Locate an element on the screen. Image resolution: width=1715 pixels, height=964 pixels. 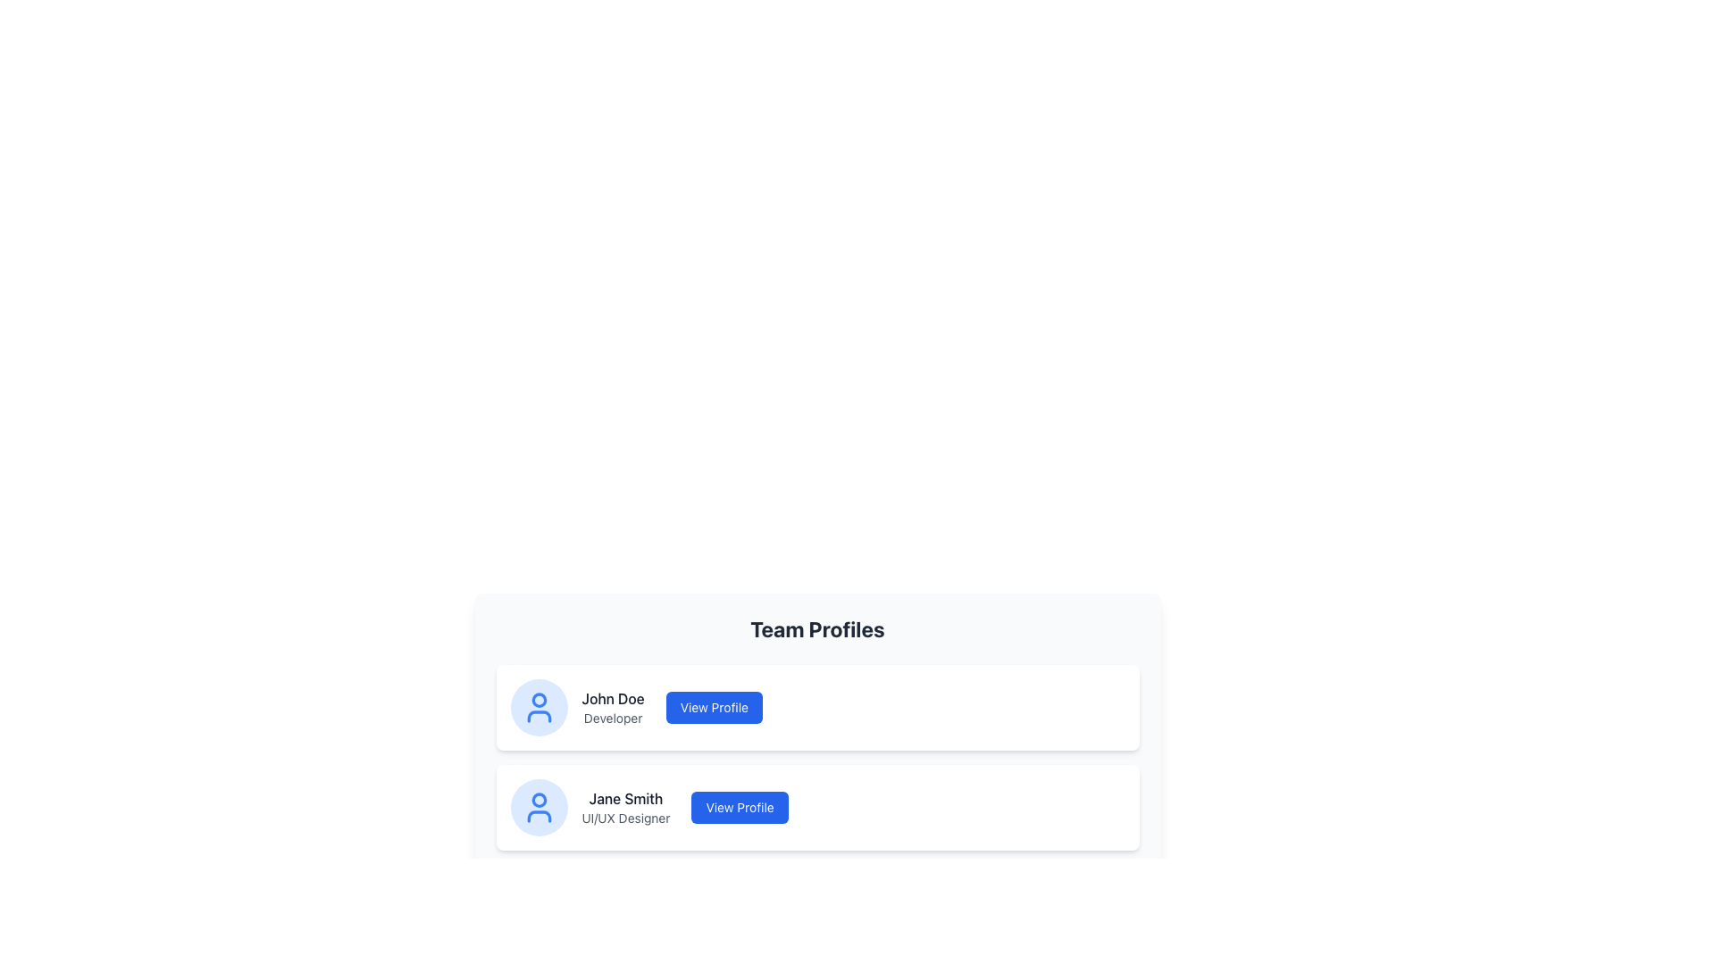
the name 'Jane Smith' in the Profile summary display is located at coordinates (590, 808).